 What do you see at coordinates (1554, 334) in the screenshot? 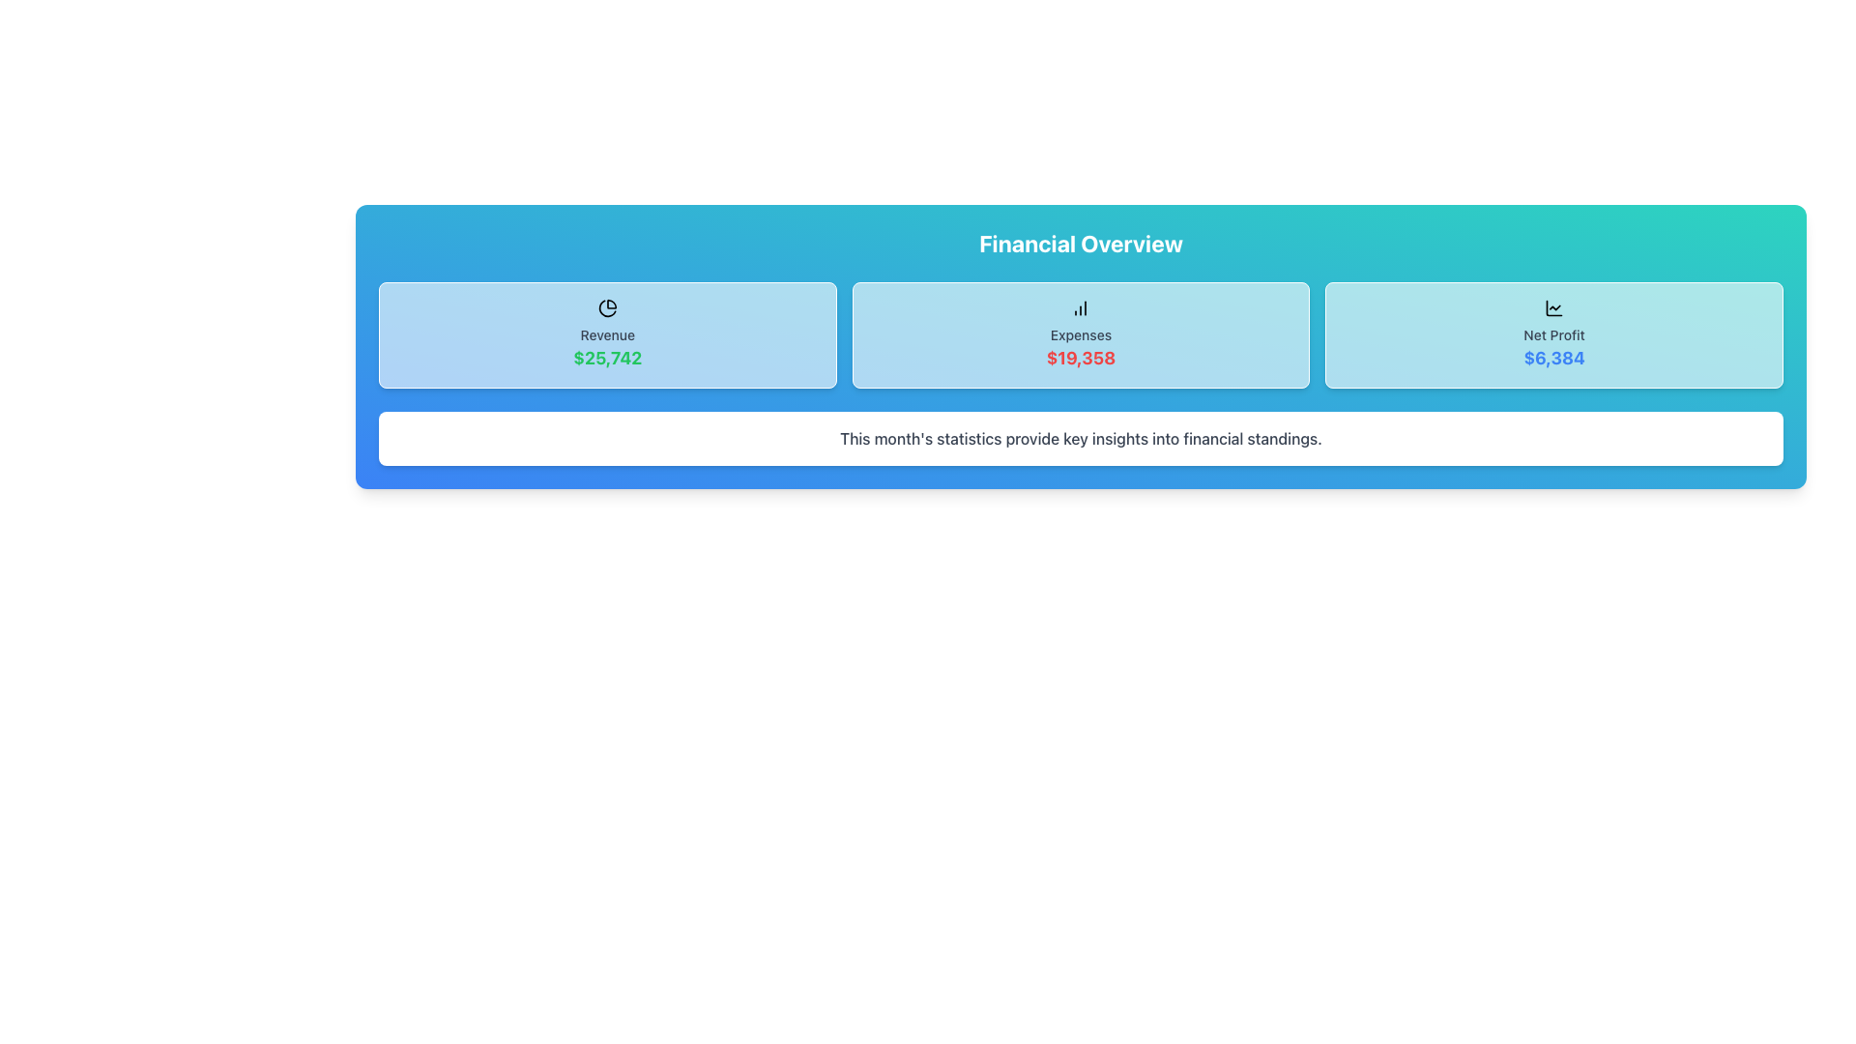
I see `the displayed information on the summary card UI component for 'Net Profit', which is the rightmost card in a row of three summary widgets` at bounding box center [1554, 334].